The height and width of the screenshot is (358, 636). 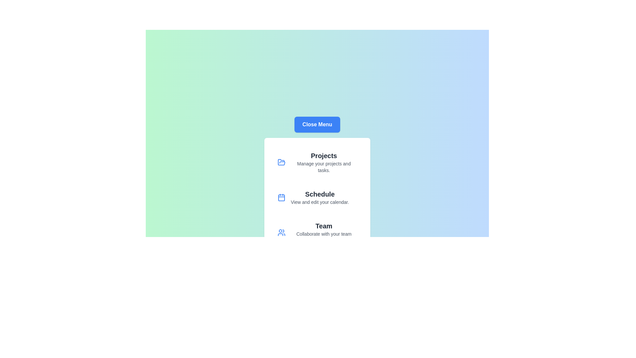 I want to click on the menu item corresponding to Projects, so click(x=317, y=162).